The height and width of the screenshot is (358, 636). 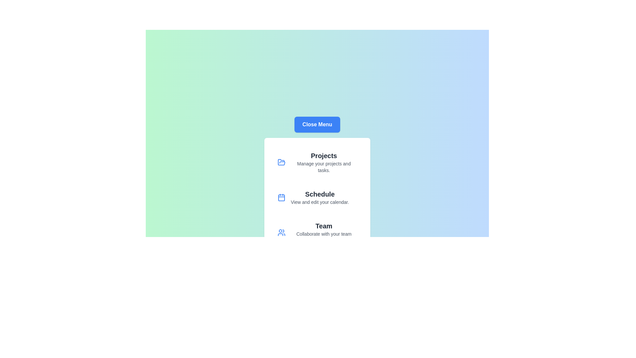 I want to click on the menu item corresponding to Projects, so click(x=317, y=162).